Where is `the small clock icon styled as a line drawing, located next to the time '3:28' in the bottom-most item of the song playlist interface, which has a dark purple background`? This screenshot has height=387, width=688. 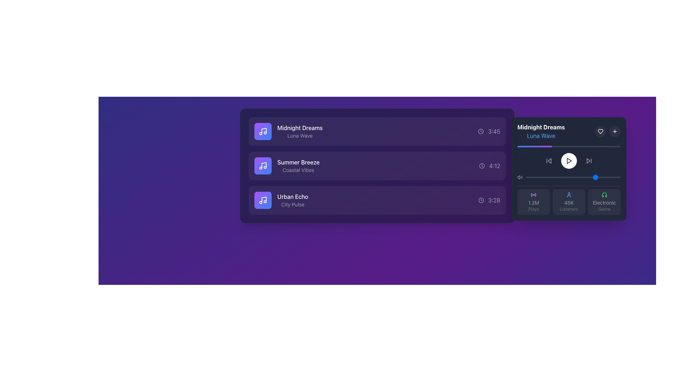
the small clock icon styled as a line drawing, located next to the time '3:28' in the bottom-most item of the song playlist interface, which has a dark purple background is located at coordinates (481, 200).